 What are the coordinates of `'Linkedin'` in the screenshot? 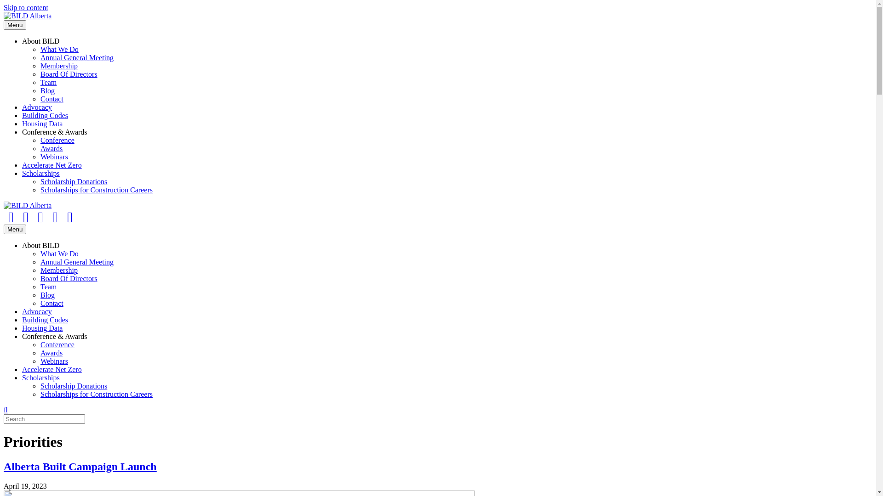 It's located at (40, 217).